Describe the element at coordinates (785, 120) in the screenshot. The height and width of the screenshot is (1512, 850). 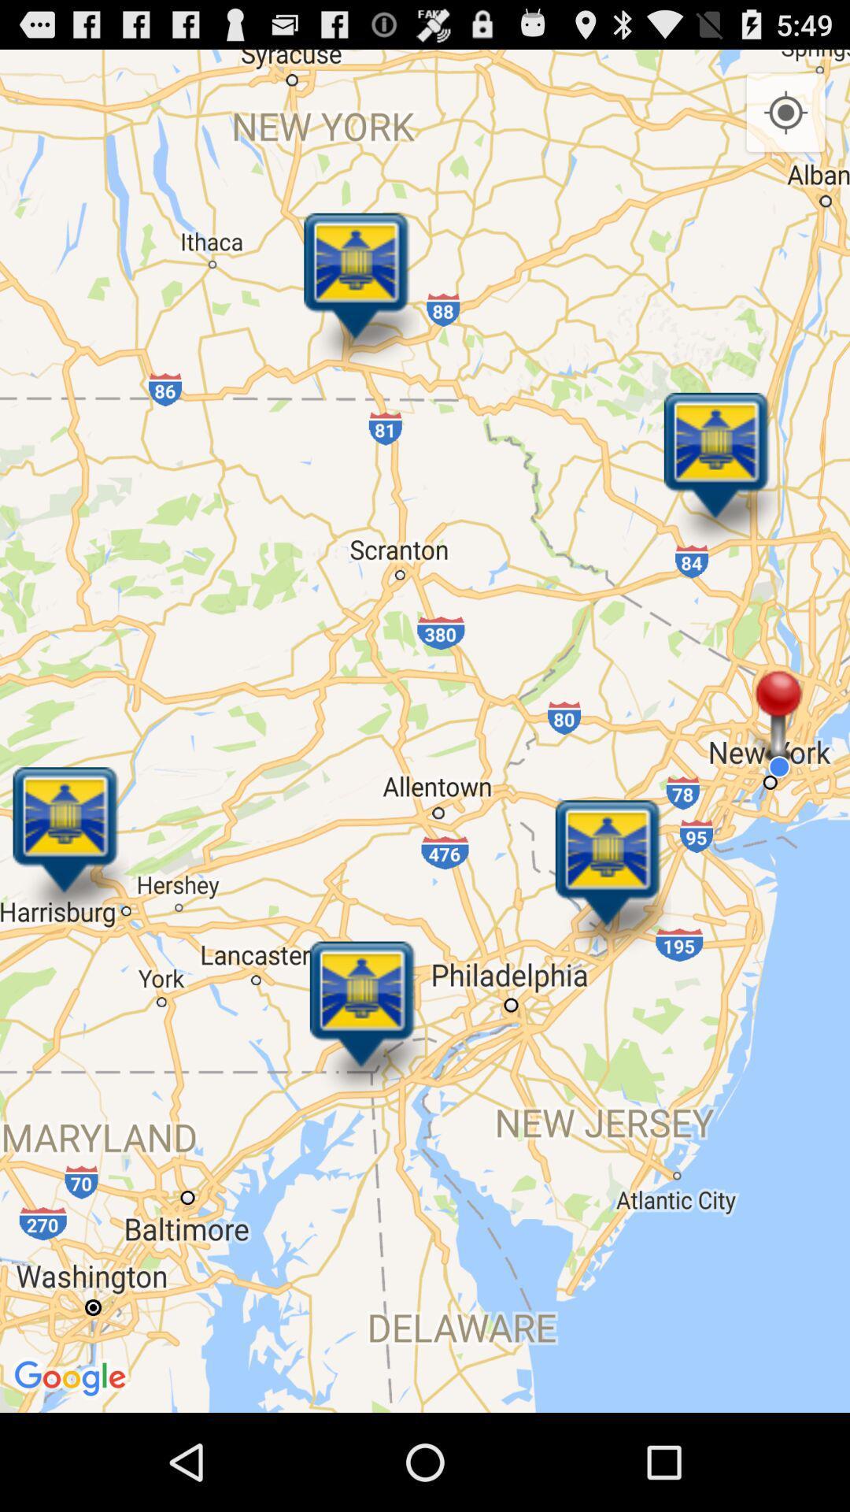
I see `the location_crosshair icon` at that location.